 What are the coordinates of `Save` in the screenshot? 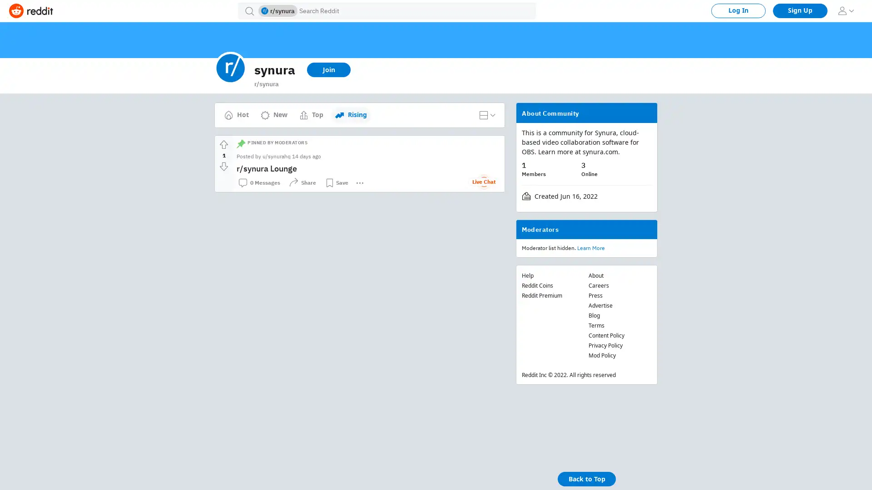 It's located at (336, 182).